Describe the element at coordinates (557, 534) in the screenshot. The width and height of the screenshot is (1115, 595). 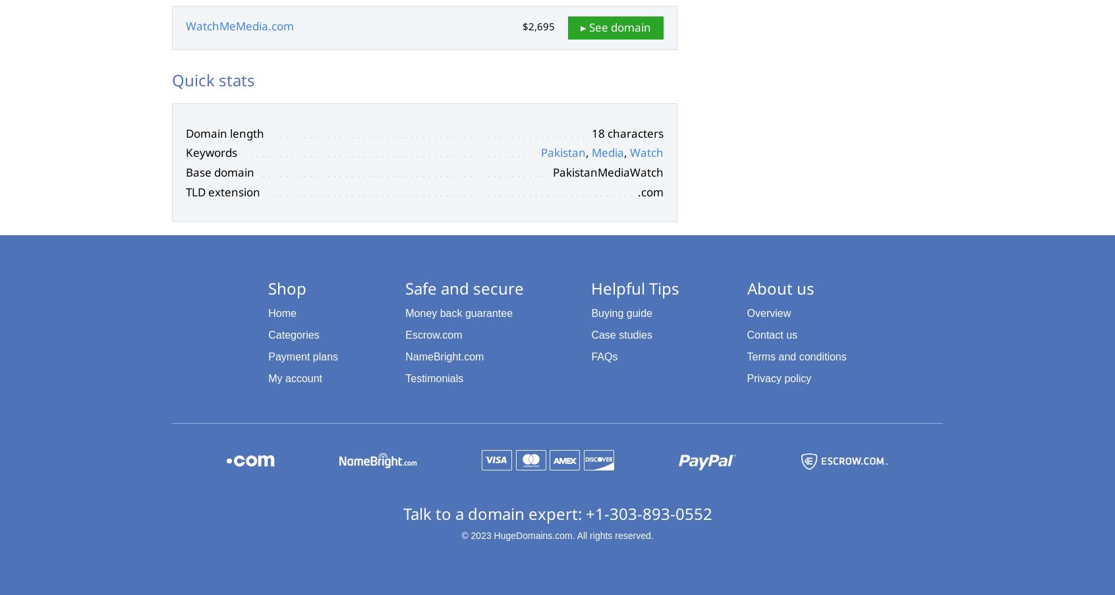
I see `'© 2023 HugeDomains.com. All rights reserved.'` at that location.